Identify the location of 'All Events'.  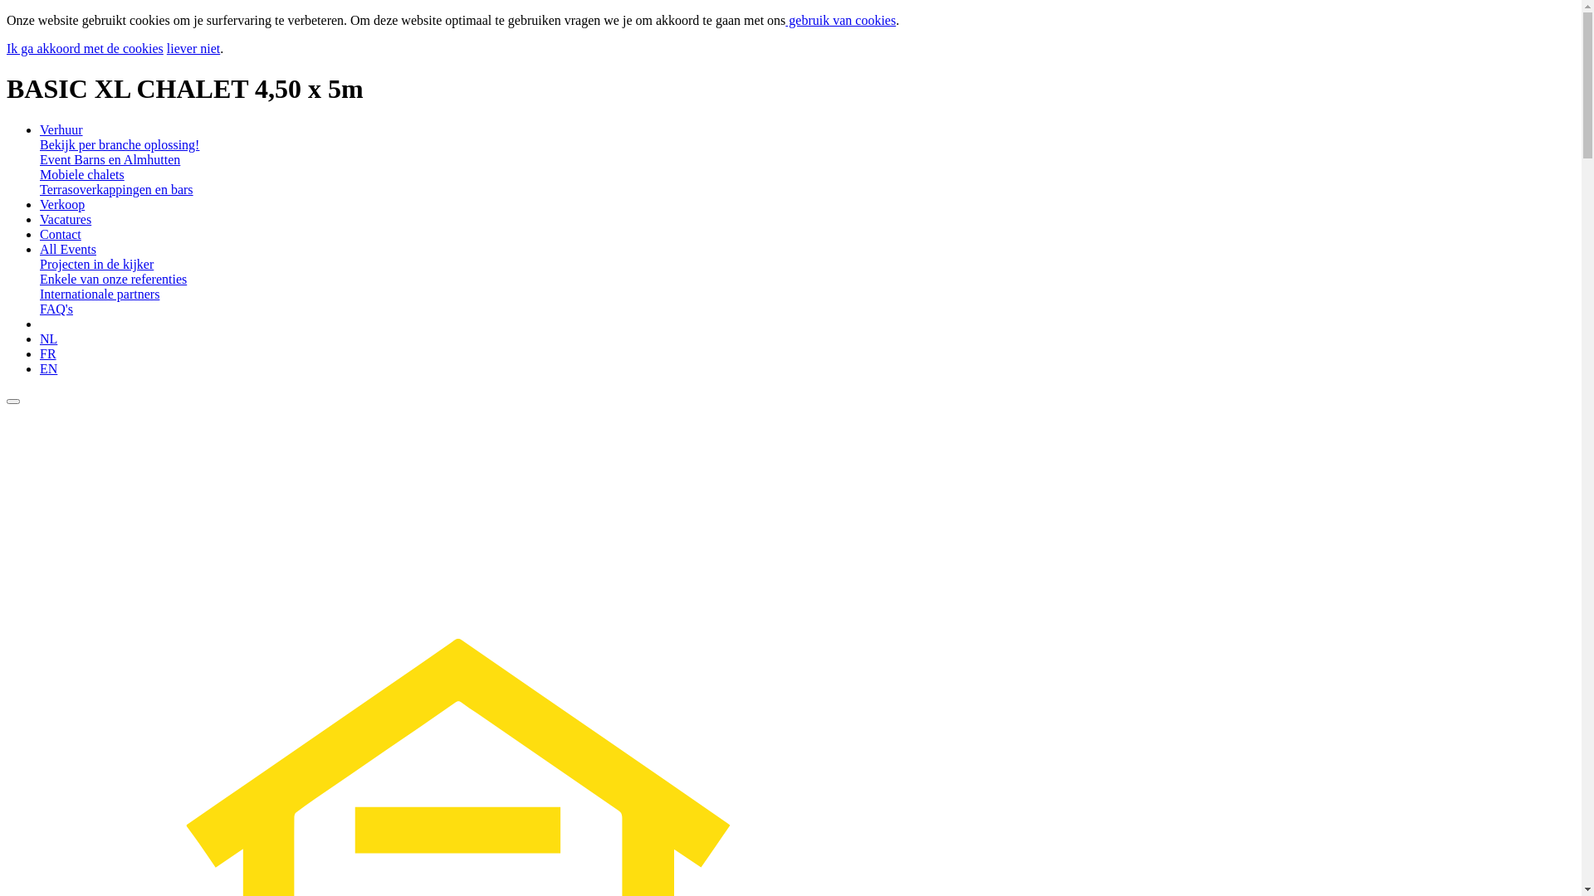
(66, 249).